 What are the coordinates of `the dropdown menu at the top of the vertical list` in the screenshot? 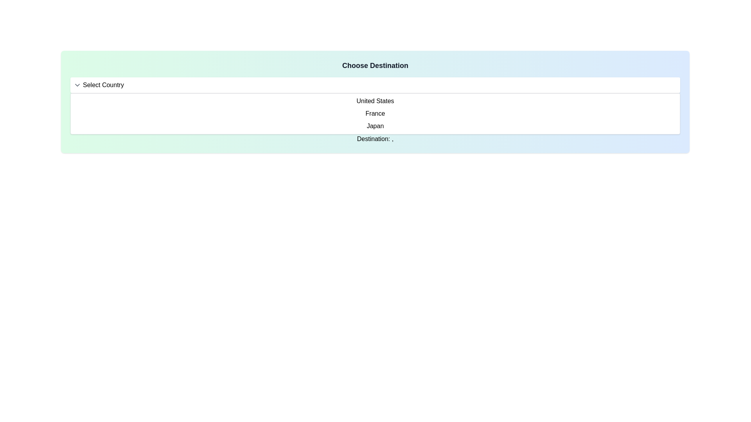 It's located at (375, 85).